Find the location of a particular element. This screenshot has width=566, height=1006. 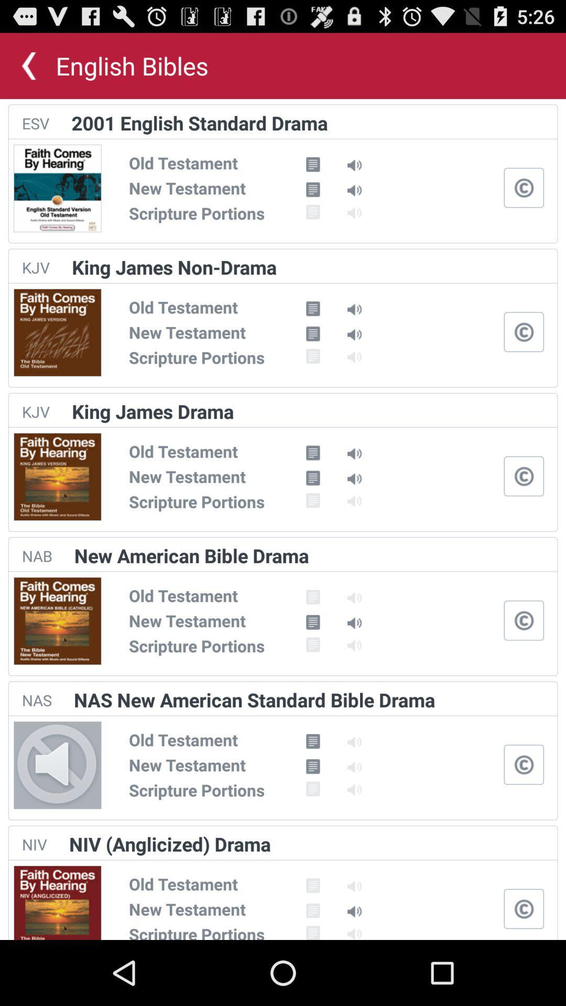

the item next to new american bible item is located at coordinates (36, 555).